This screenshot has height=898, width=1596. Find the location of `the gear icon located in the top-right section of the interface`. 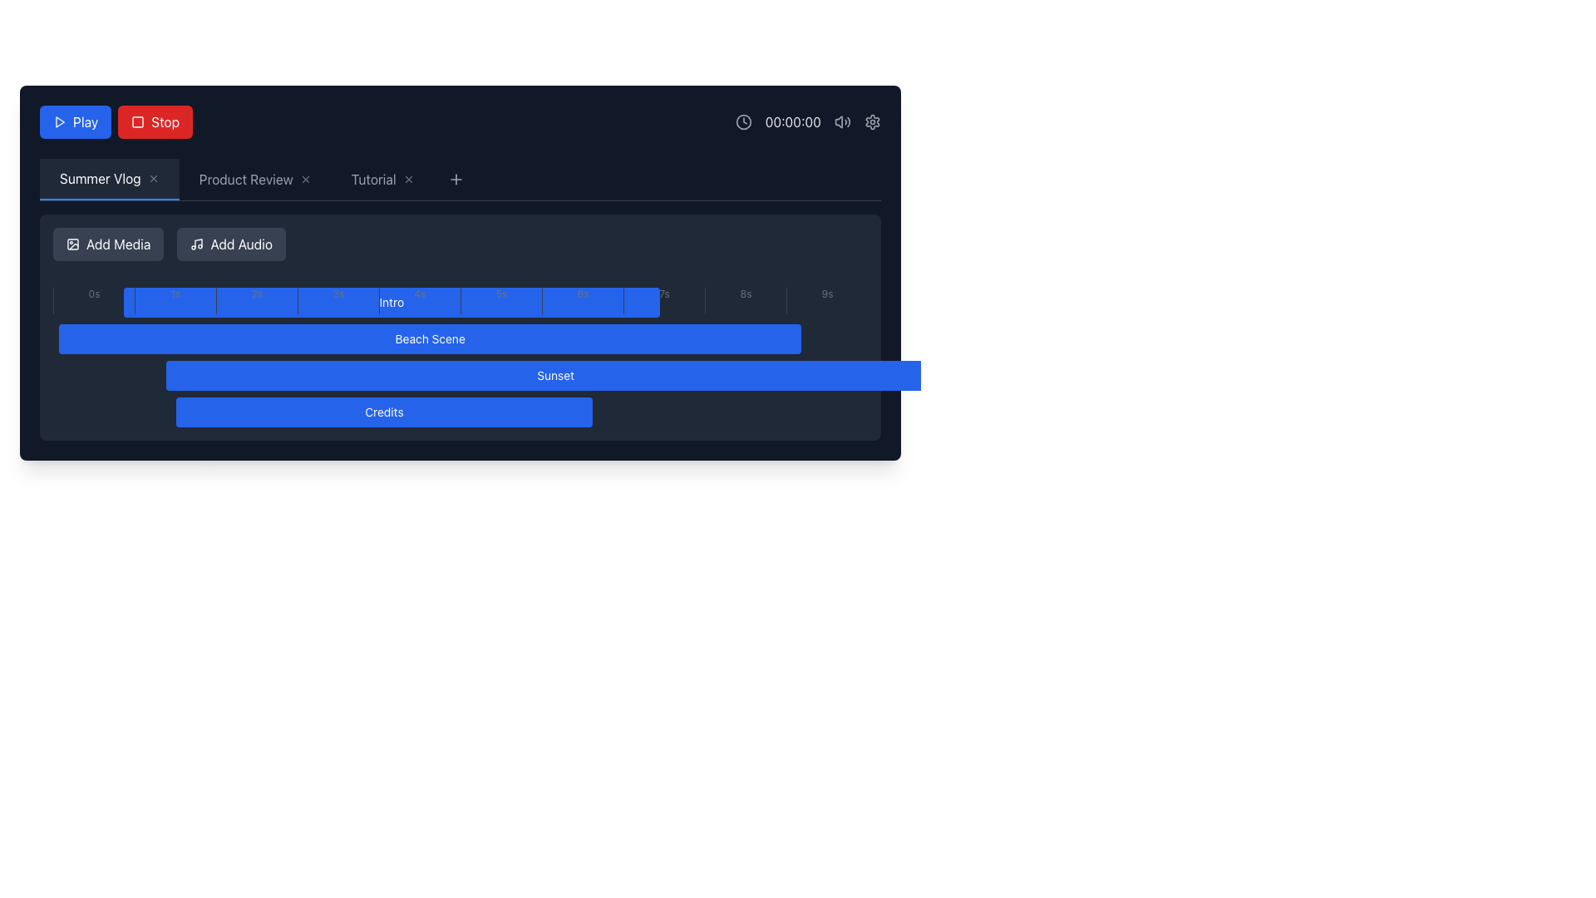

the gear icon located in the top-right section of the interface is located at coordinates (872, 121).